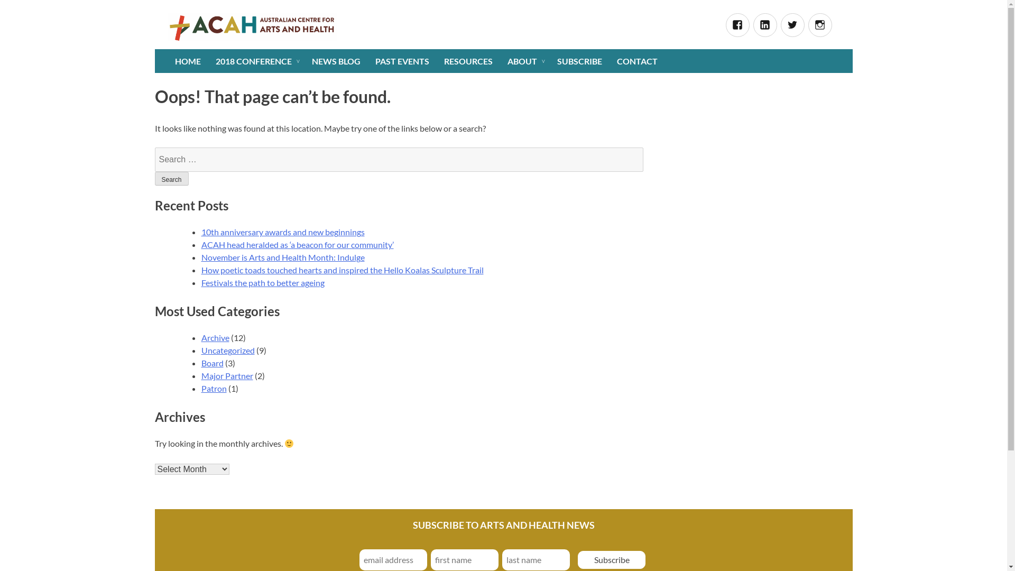 Image resolution: width=1015 pixels, height=571 pixels. I want to click on 'ABOUT', so click(499, 61).